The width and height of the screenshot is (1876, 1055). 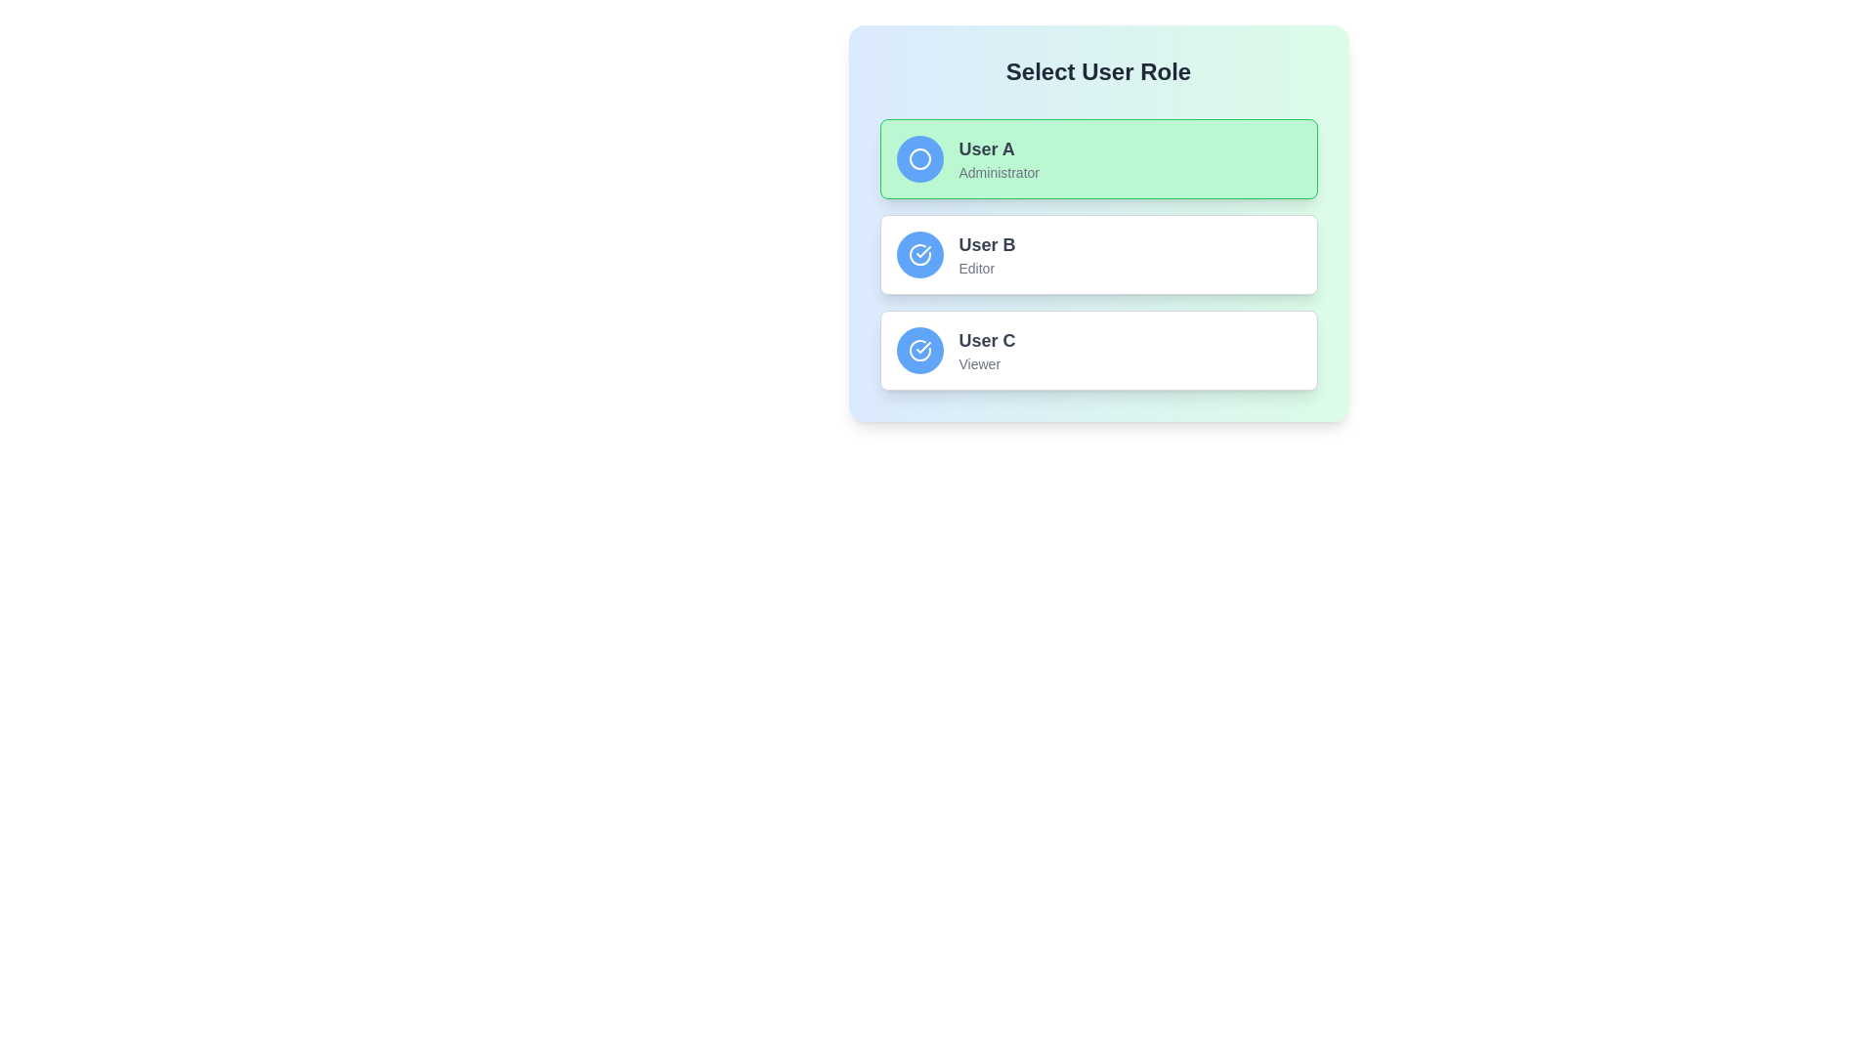 What do you see at coordinates (999, 148) in the screenshot?
I see `the Static Text Label displaying the name of the user associated with the 'Administrator' role, located at the topmost user card in the vertical list` at bounding box center [999, 148].